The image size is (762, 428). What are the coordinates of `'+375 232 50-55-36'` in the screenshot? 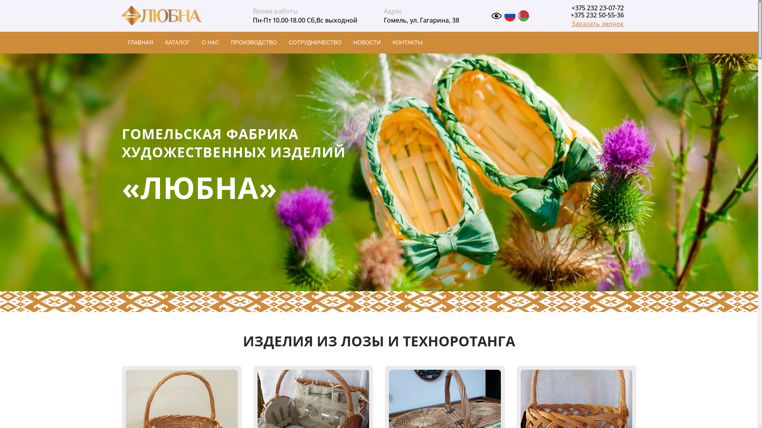 It's located at (597, 15).